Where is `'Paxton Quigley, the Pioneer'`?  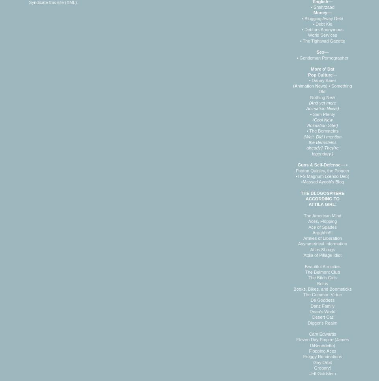 'Paxton Quigley, the Pioneer' is located at coordinates (295, 170).